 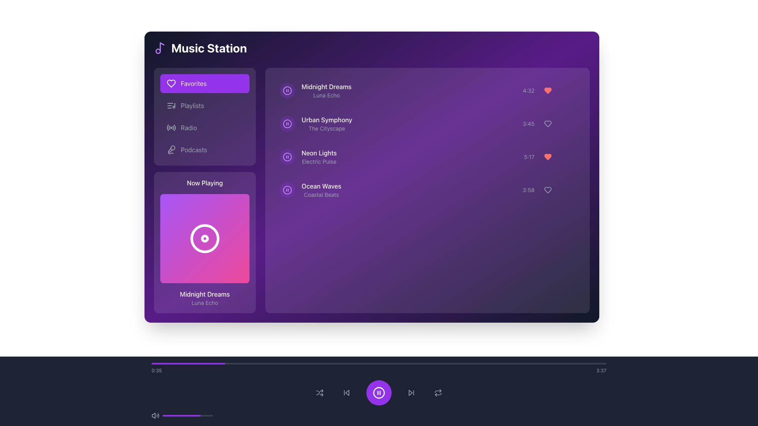 What do you see at coordinates (205, 238) in the screenshot?
I see `the Circle shape (SVG element) in the spinning disc icon indicating the current playback status of the 'Now Playing' track` at bounding box center [205, 238].